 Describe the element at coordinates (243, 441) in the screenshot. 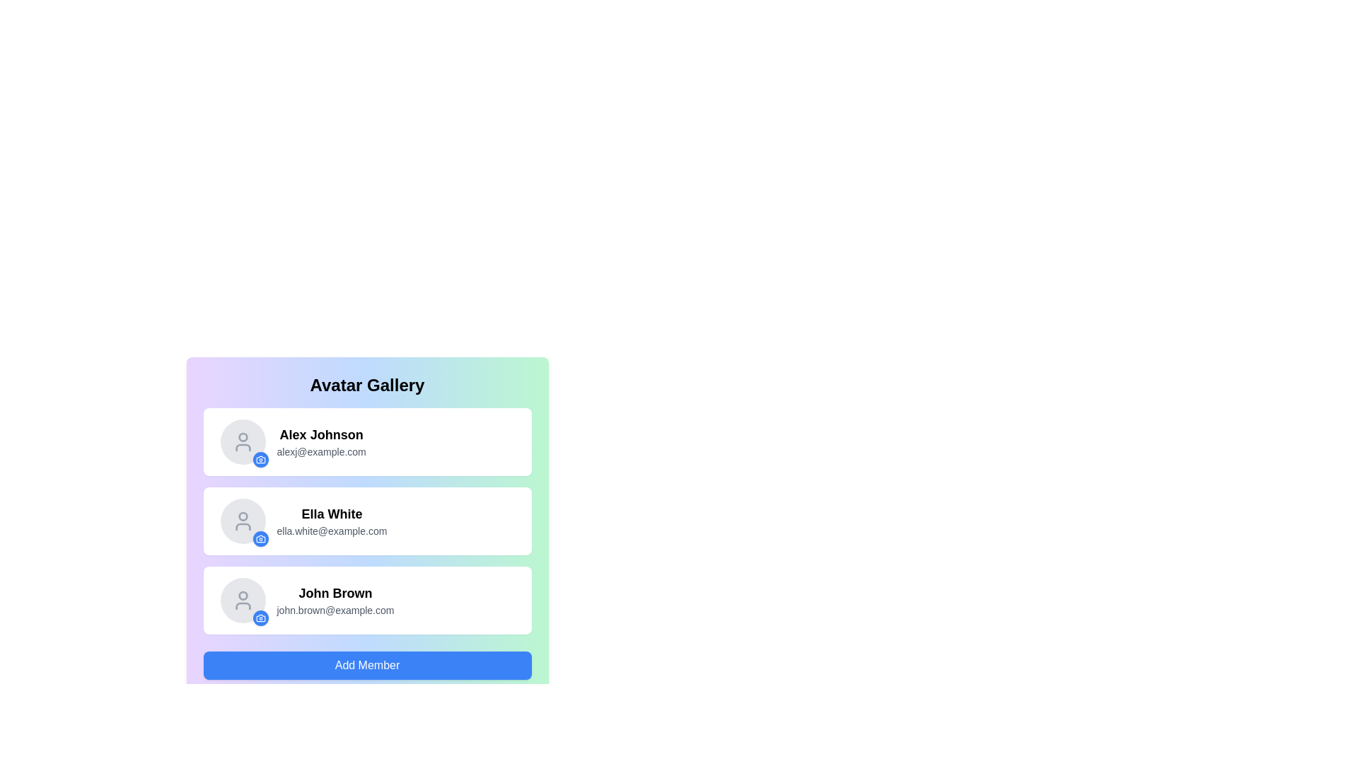

I see `the interactive avatar placeholder located at the leftmost position within the first card, which includes a camera icon for updating the avatar` at that location.